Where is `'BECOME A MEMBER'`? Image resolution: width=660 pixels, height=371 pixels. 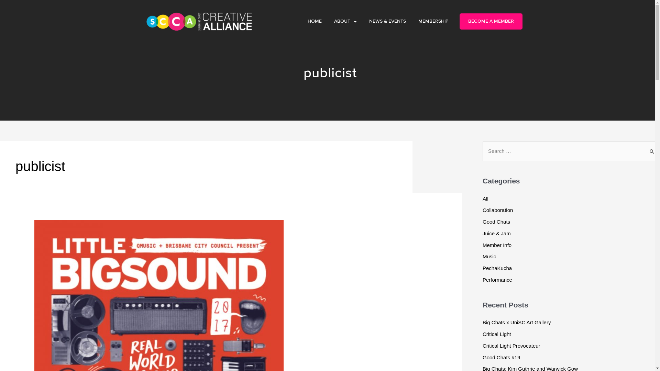 'BECOME A MEMBER' is located at coordinates (491, 21).